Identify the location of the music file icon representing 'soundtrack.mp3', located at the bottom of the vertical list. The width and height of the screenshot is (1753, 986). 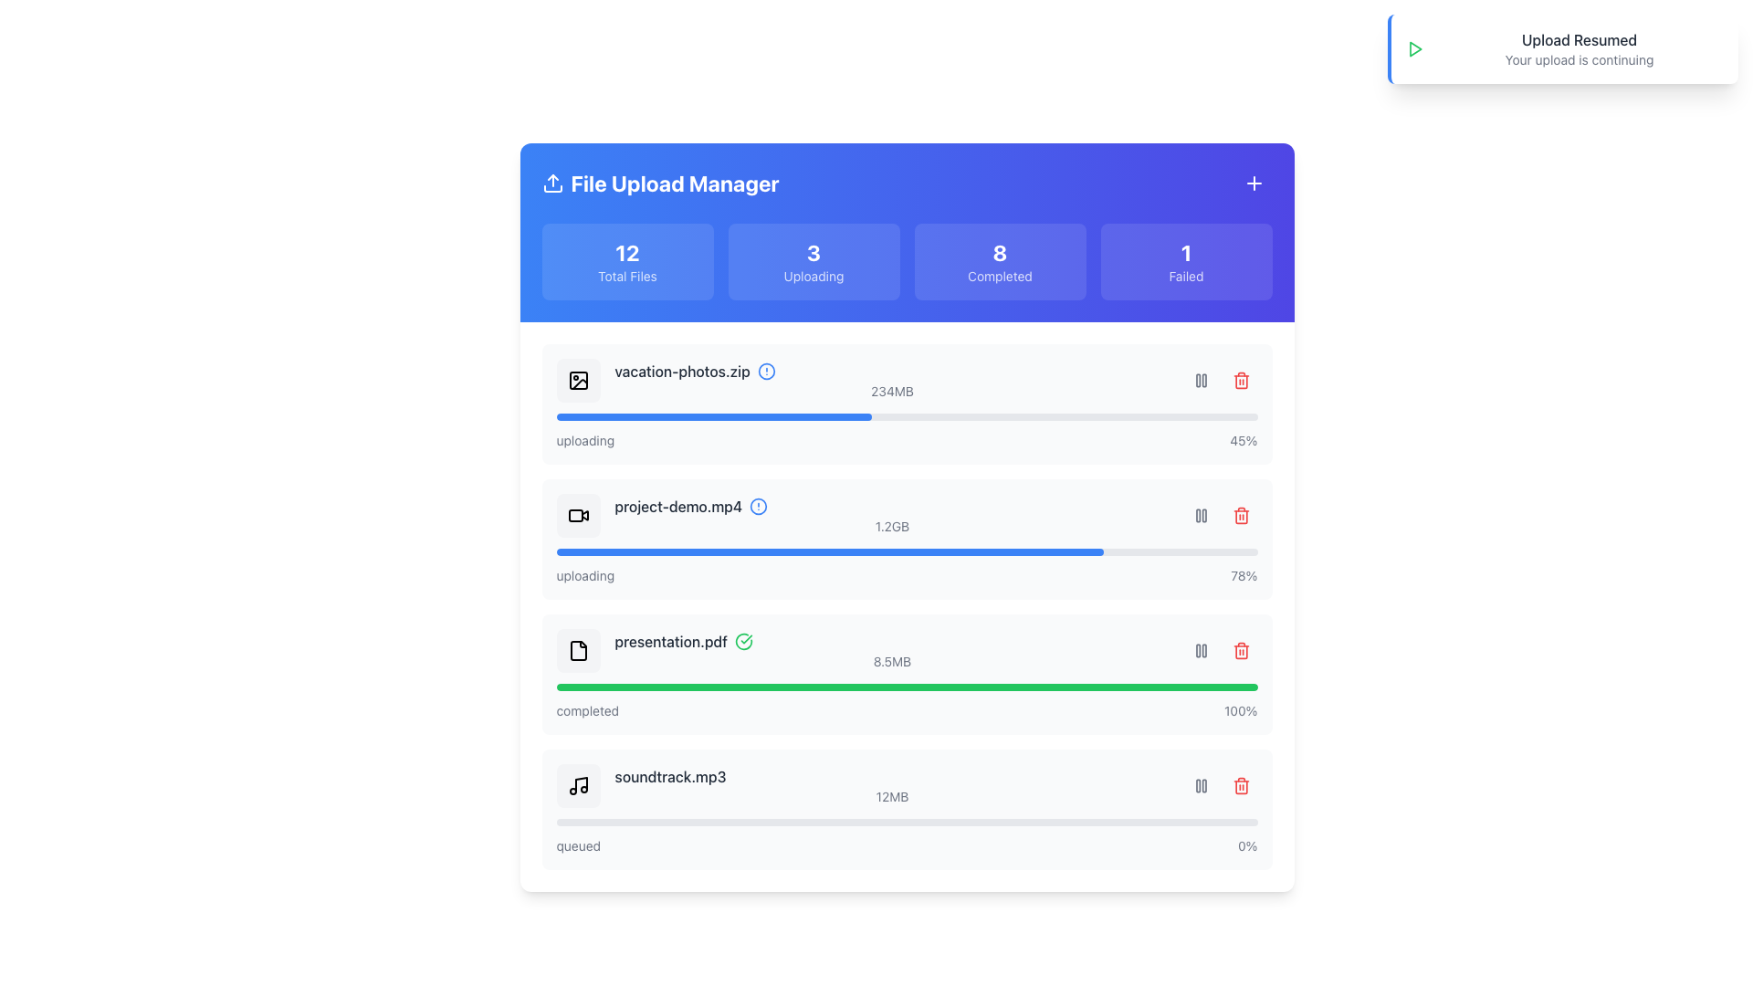
(577, 784).